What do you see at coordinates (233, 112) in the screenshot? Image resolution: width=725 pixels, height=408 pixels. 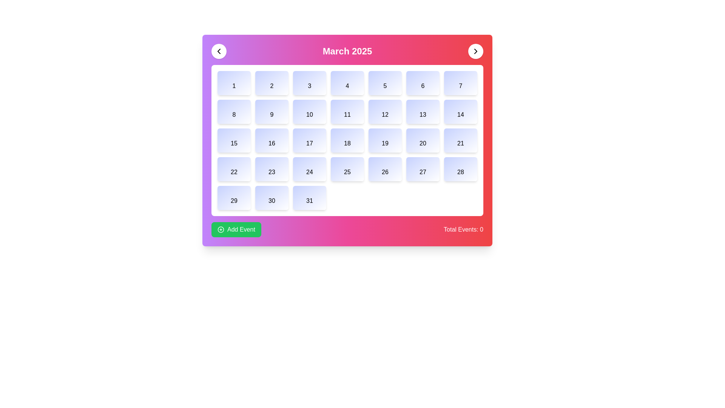 I see `the calendar day box representing day '8' in the second row and first column of the grid` at bounding box center [233, 112].